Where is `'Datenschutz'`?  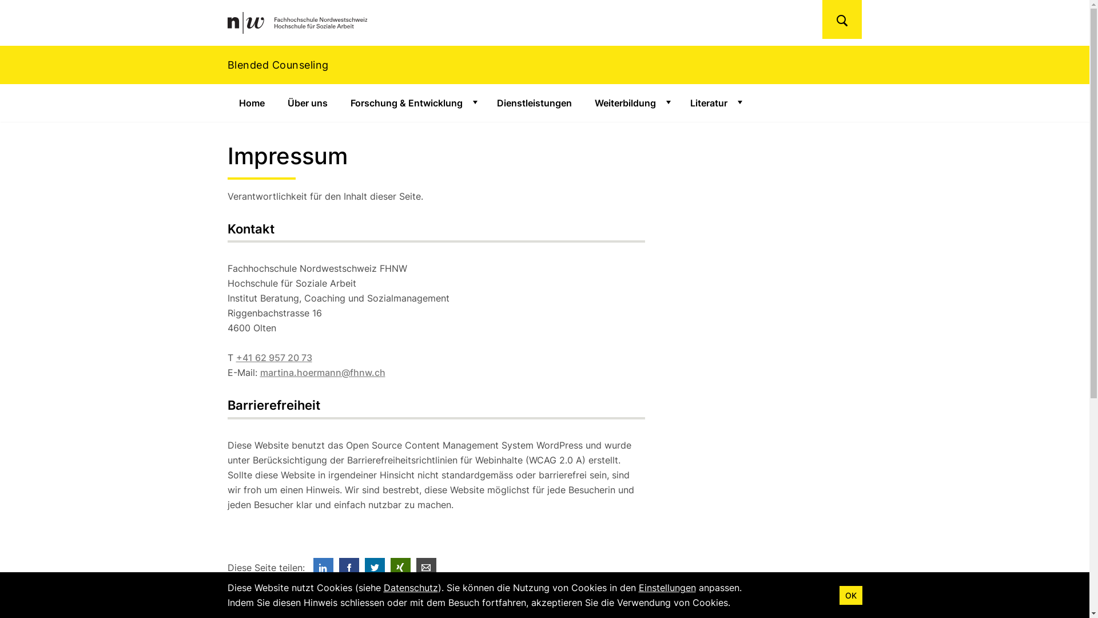
'Datenschutz' is located at coordinates (410, 587).